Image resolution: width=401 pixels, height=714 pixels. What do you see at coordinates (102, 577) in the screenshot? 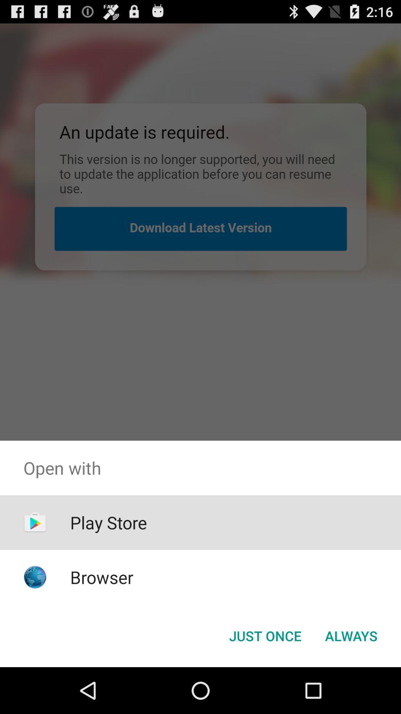
I see `browser icon` at bounding box center [102, 577].